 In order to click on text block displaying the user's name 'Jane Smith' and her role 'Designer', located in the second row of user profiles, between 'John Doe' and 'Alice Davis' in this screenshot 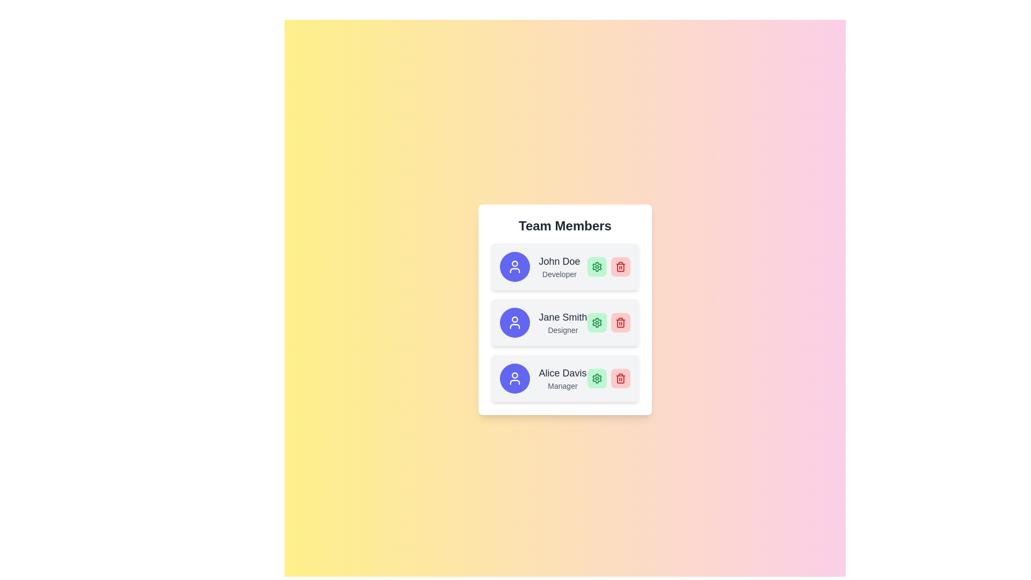, I will do `click(562, 322)`.